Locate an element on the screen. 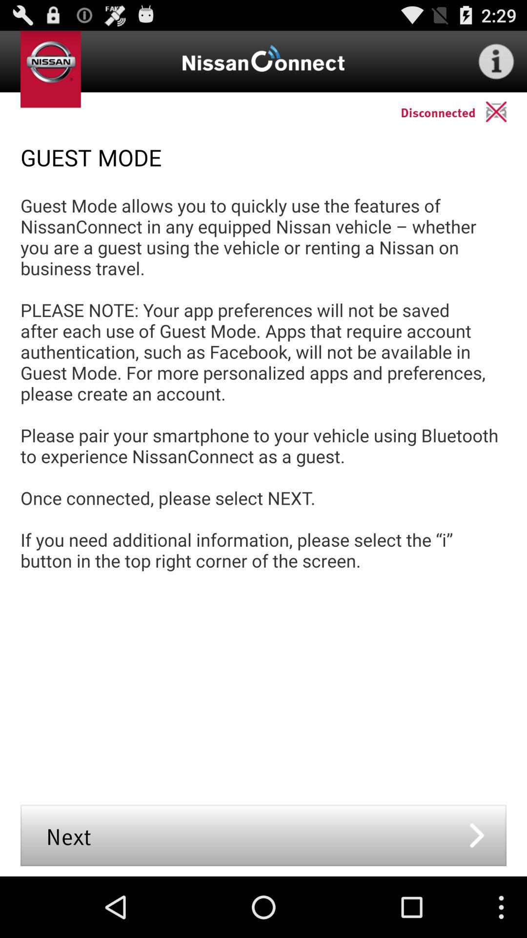 Image resolution: width=527 pixels, height=938 pixels. the icon below the guest mode allows app is located at coordinates (263, 834).